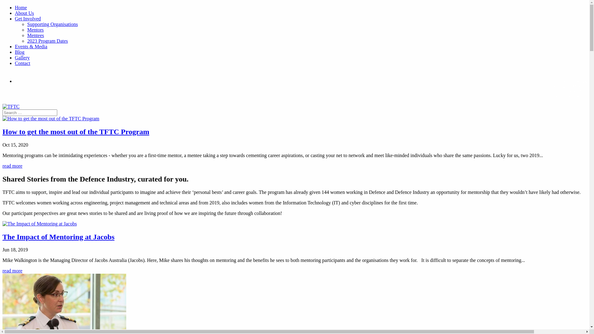  What do you see at coordinates (35, 30) in the screenshot?
I see `'Mentors'` at bounding box center [35, 30].